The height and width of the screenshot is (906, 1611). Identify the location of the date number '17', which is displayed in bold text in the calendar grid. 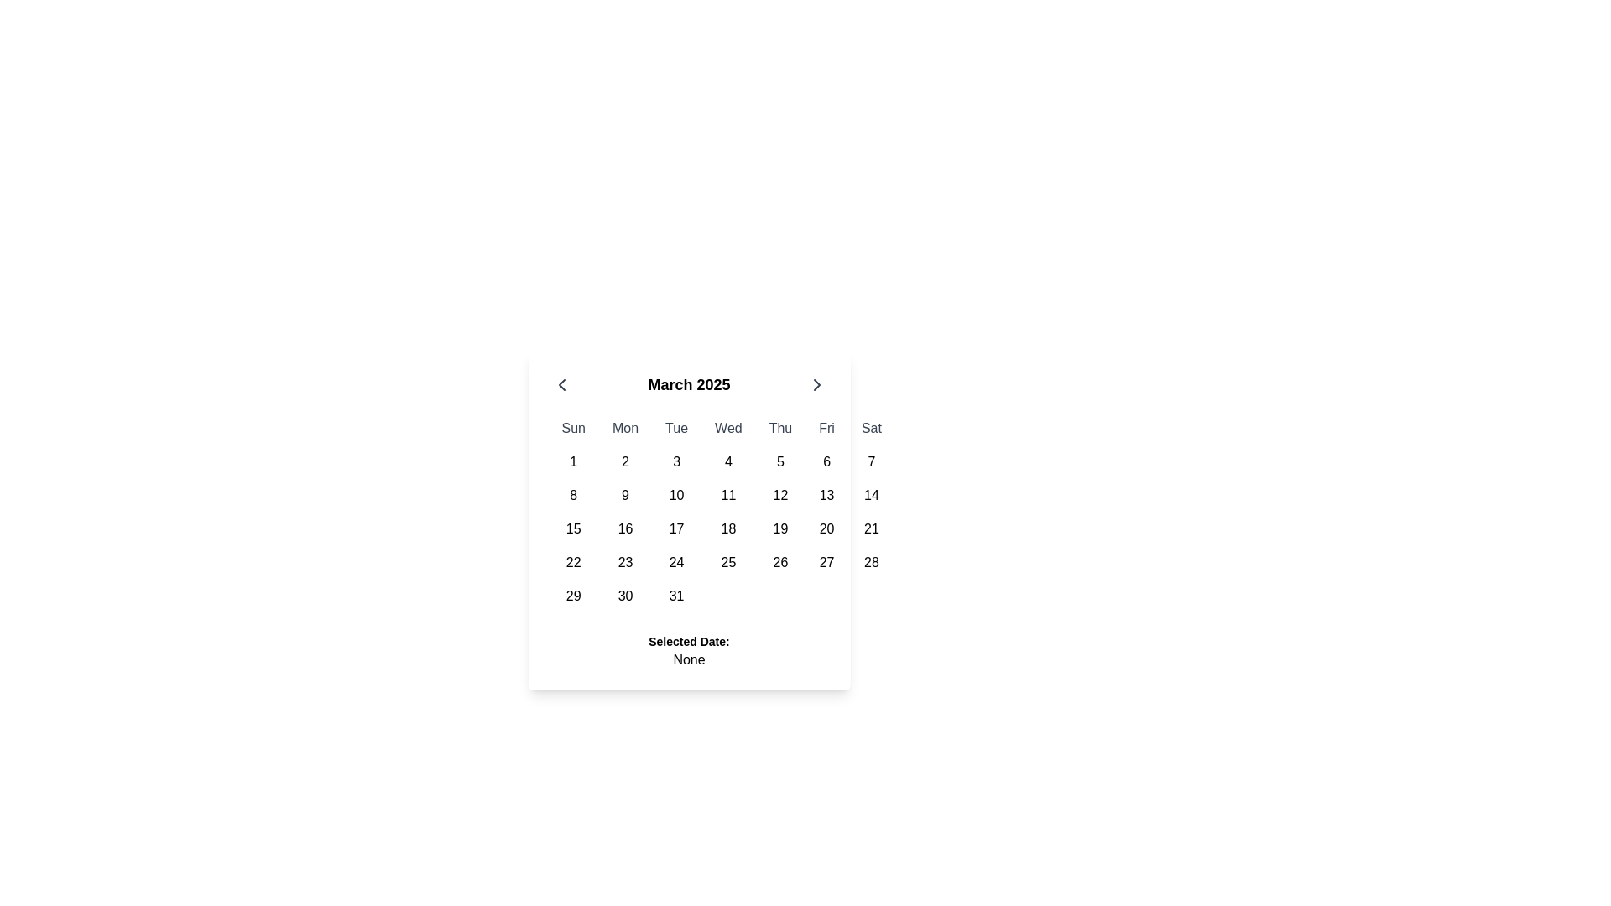
(676, 529).